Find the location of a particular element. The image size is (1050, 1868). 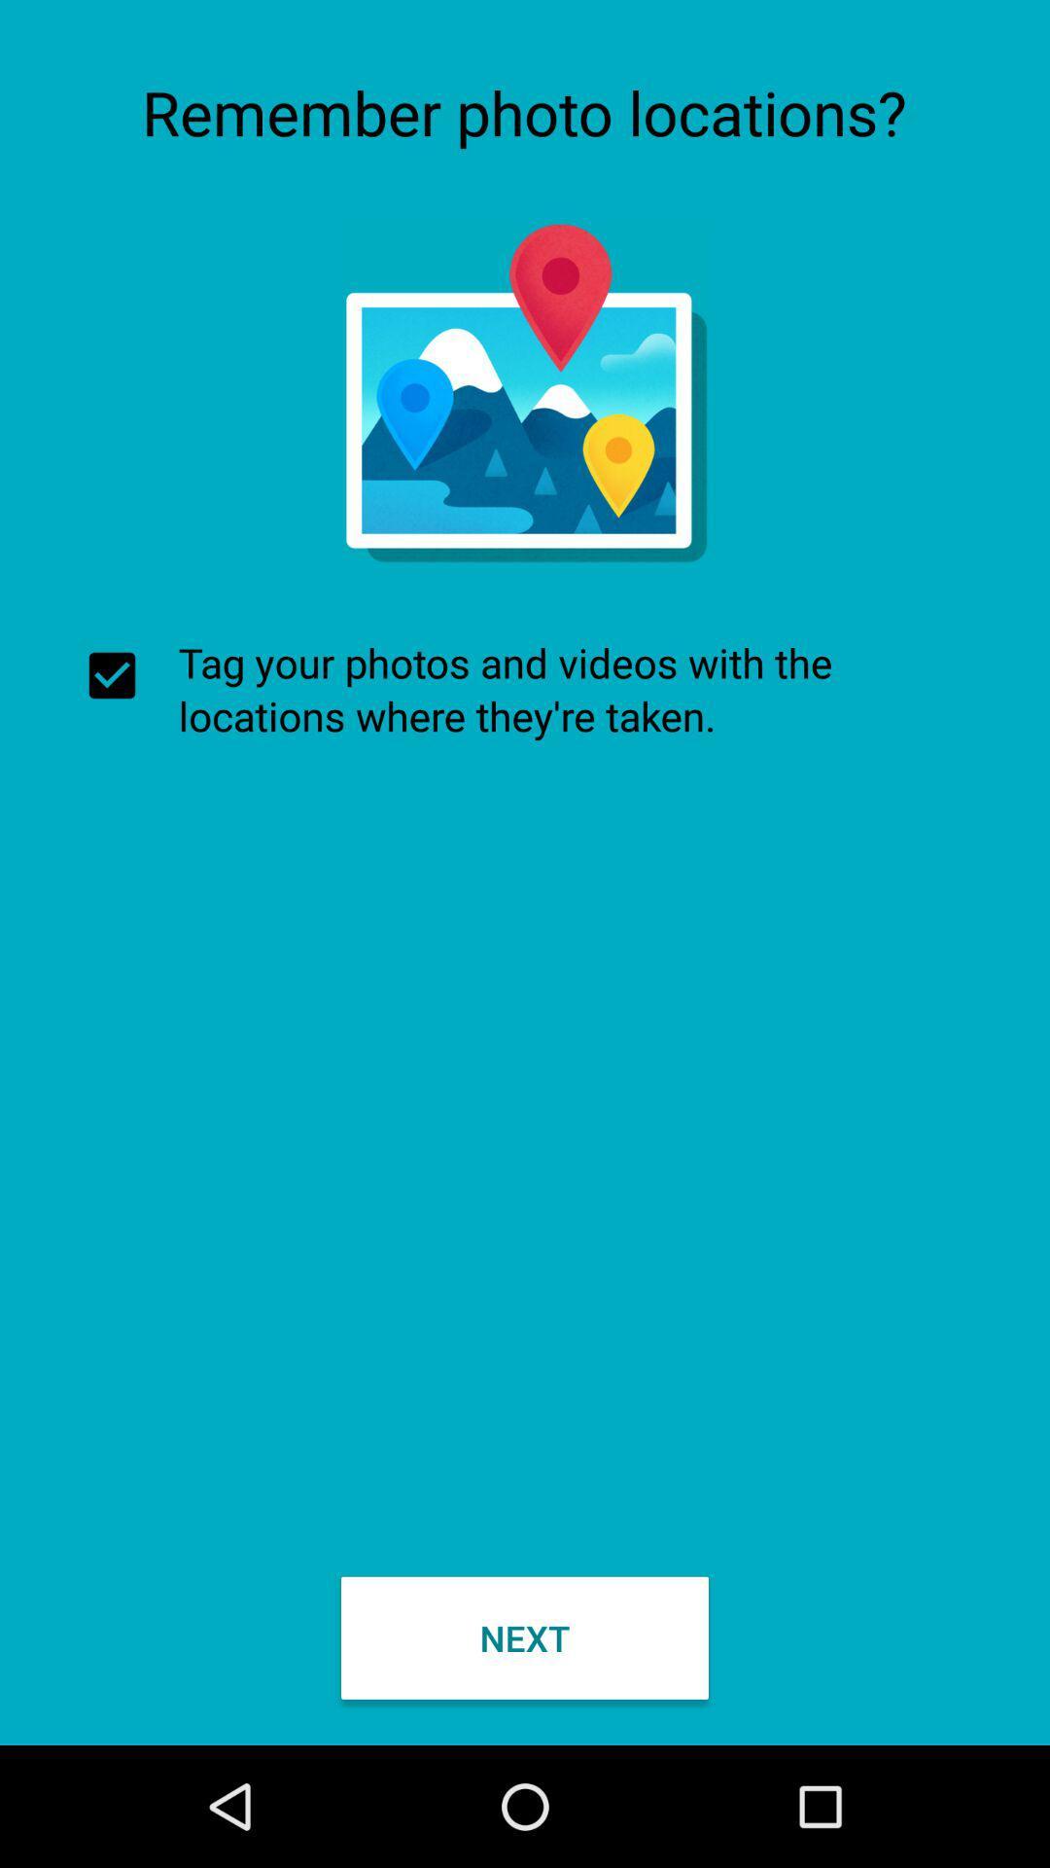

the item above the next item is located at coordinates (525, 689).